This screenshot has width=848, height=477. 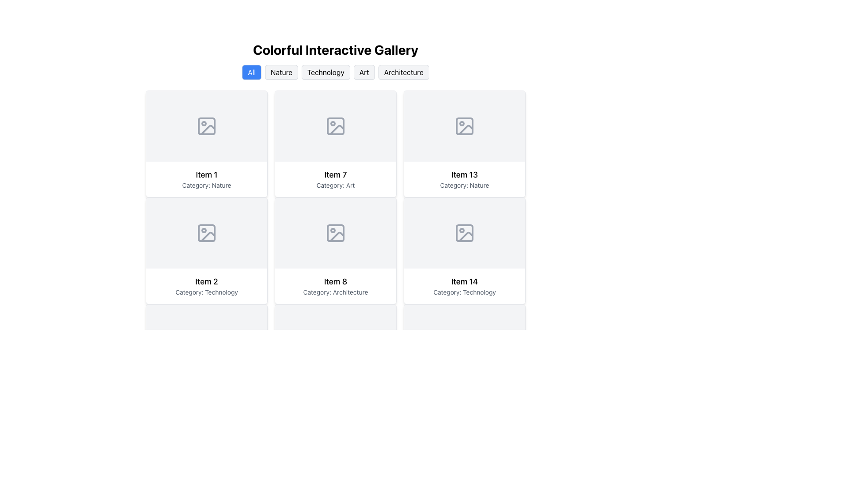 I want to click on the light gray rectangular placeholder element with rounded corners that contains an image icon, located at the top-left of a grid layout, so click(x=206, y=126).